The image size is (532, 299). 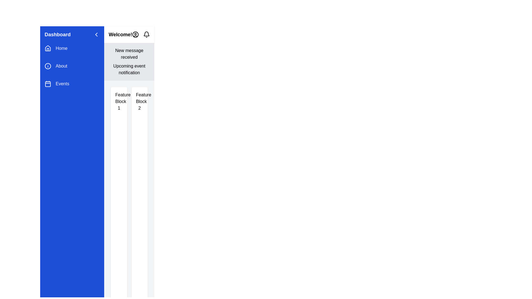 I want to click on the 'About' button in the vertical menu, so click(x=72, y=66).